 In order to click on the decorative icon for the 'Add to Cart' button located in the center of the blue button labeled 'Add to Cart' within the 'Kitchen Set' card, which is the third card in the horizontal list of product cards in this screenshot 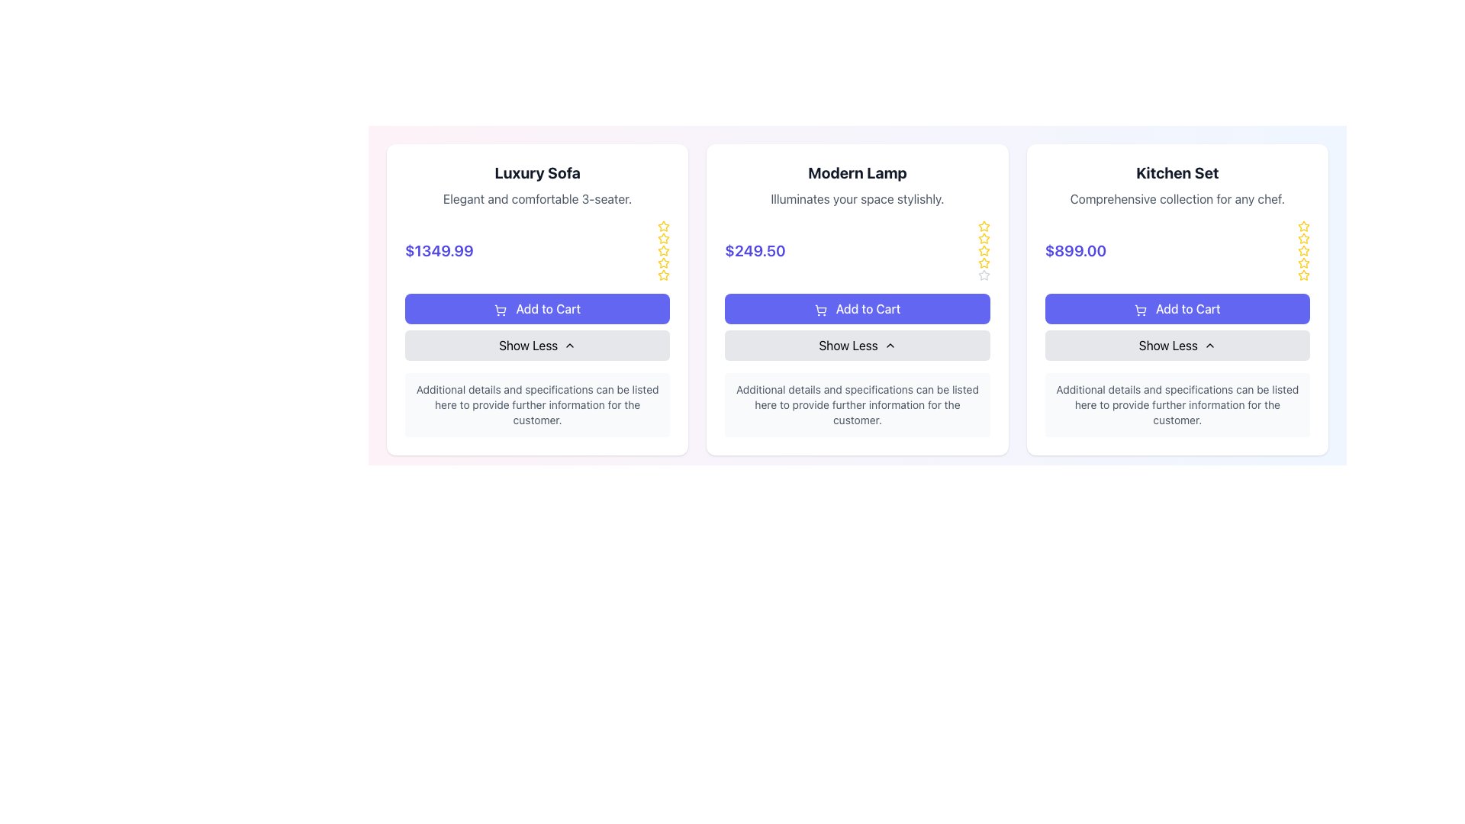, I will do `click(1140, 308)`.